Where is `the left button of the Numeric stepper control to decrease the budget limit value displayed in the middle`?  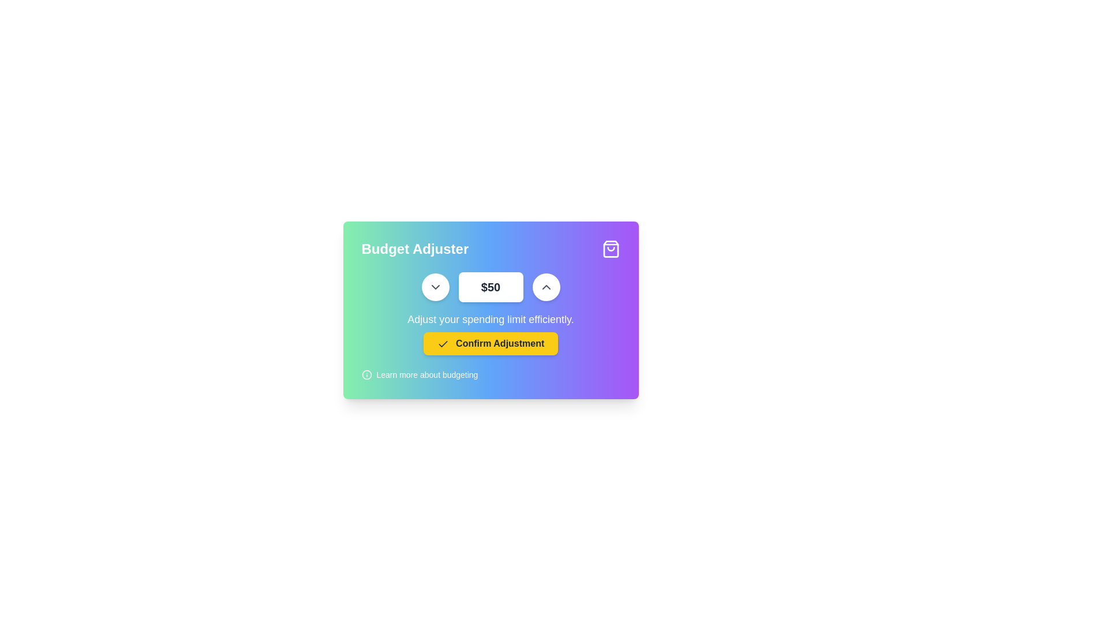 the left button of the Numeric stepper control to decrease the budget limit value displayed in the middle is located at coordinates (491, 286).